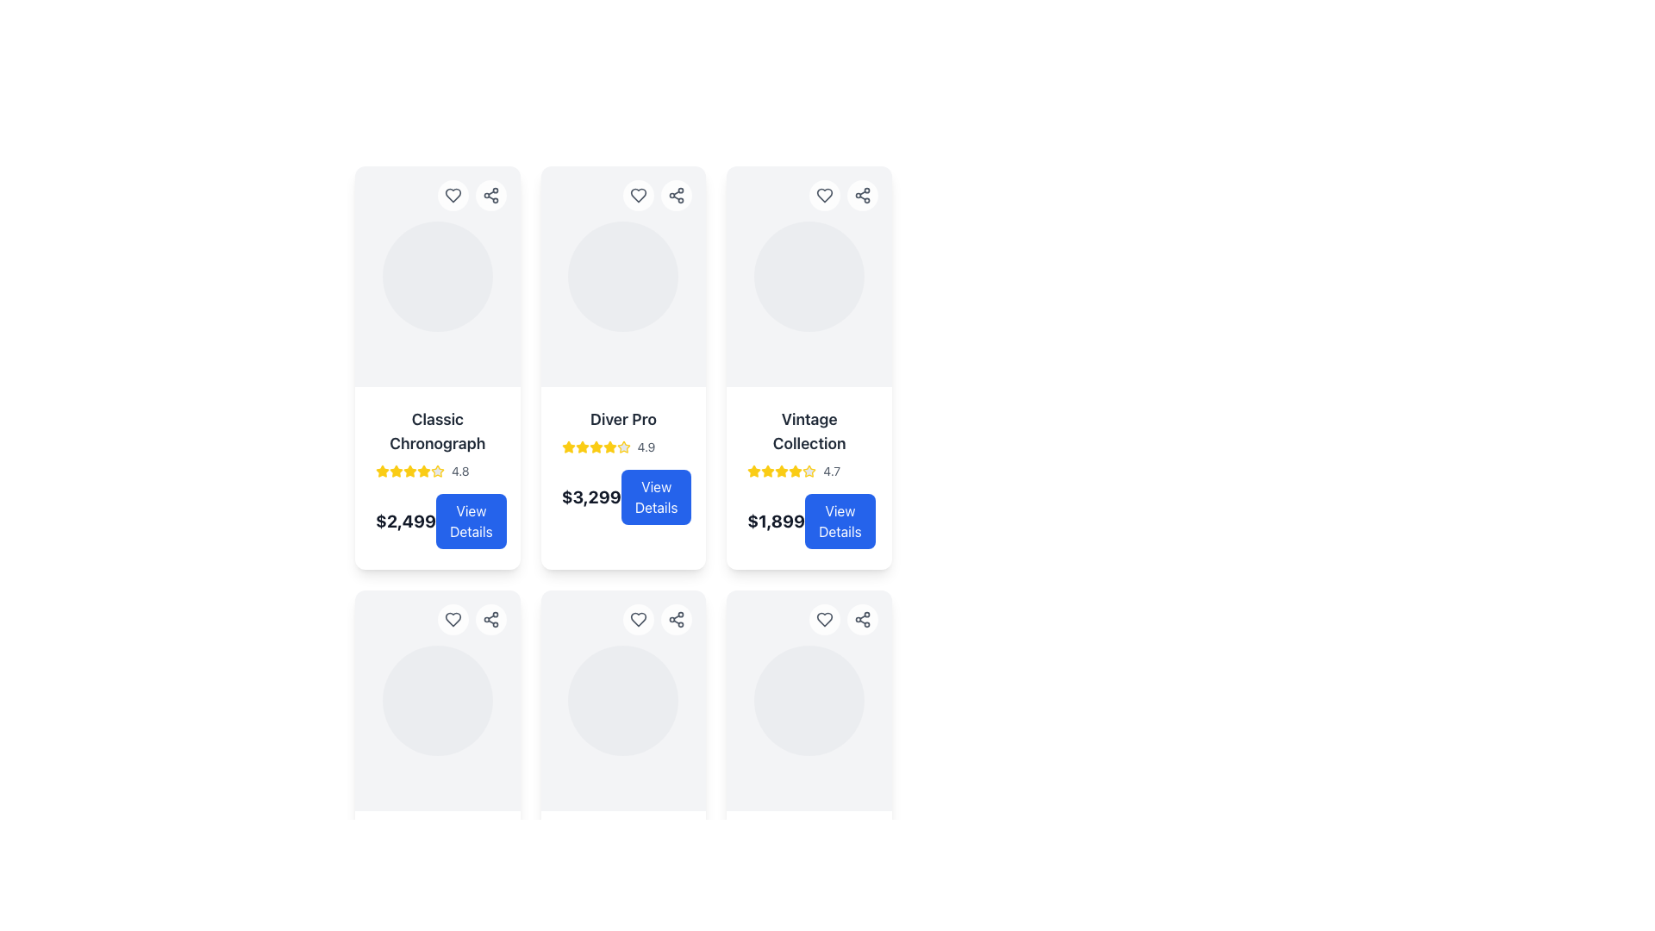 The height and width of the screenshot is (931, 1655). I want to click on the heart-shaped icon button in the top-right corner of the 'Diver Pro' product card, so click(638, 195).